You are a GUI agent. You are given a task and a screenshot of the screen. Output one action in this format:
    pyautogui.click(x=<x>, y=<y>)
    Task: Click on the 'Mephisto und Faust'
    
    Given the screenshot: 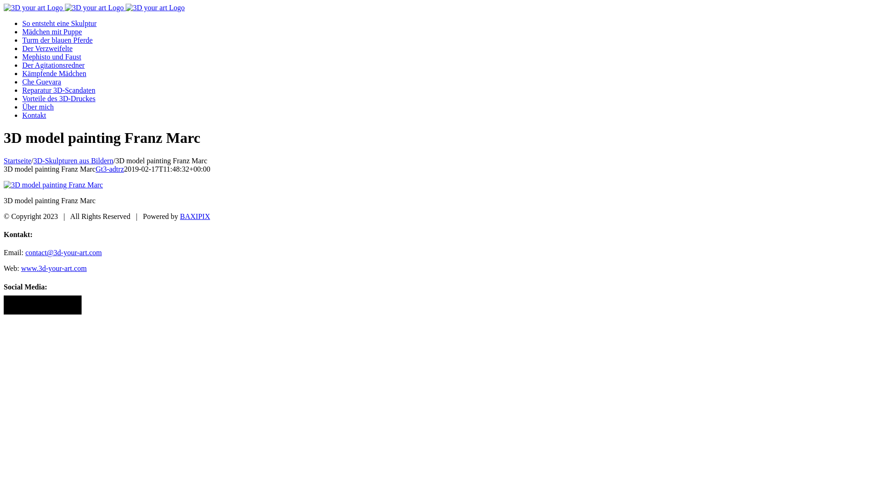 What is the action you would take?
    pyautogui.click(x=22, y=57)
    